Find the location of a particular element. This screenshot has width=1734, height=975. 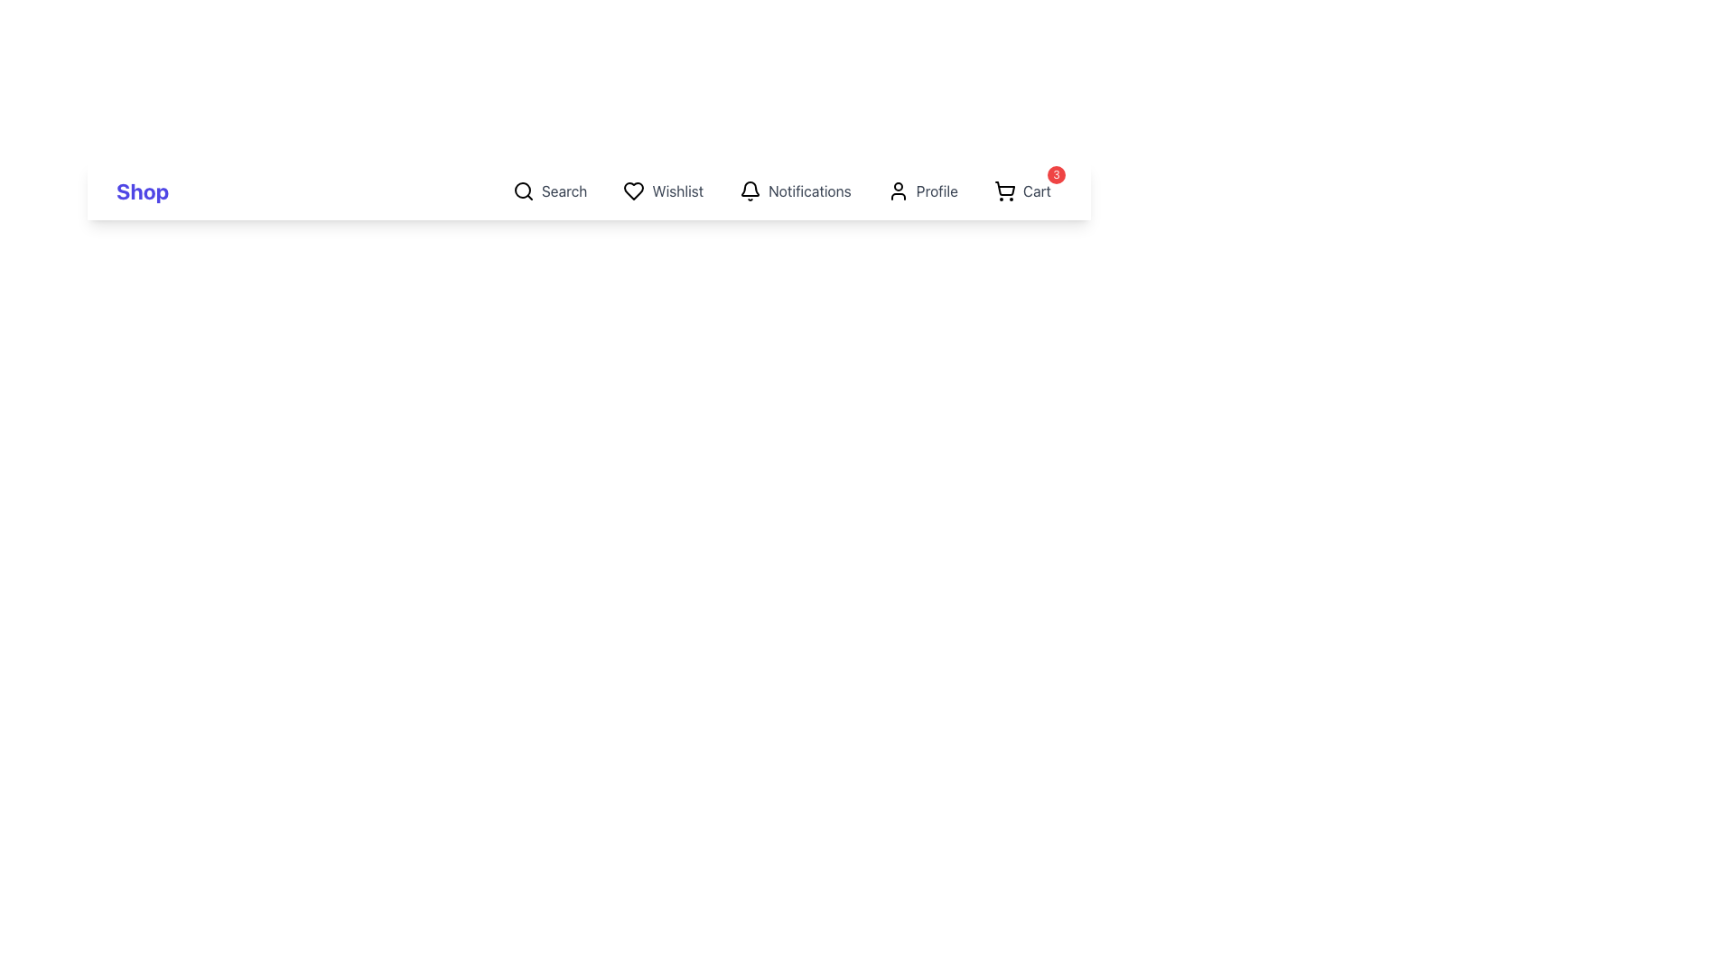

the central part of the circular search icon located in the top navigation bar is located at coordinates (521, 190).